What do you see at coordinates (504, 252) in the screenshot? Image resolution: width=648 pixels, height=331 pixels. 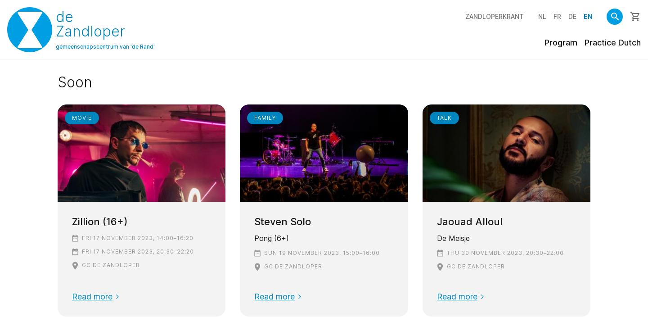 I see `'Thu 30 November 2023, 20:30–22:00'` at bounding box center [504, 252].